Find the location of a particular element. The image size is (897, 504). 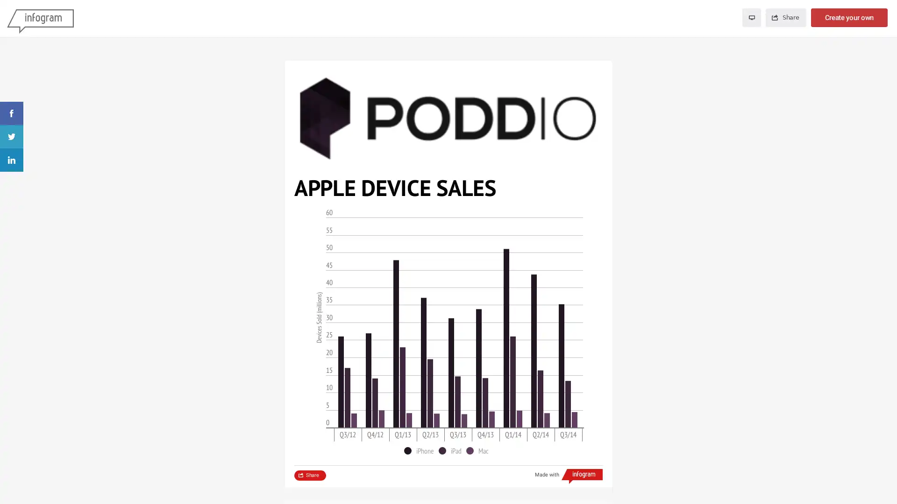

Show side buttons is located at coordinates (598, 74).